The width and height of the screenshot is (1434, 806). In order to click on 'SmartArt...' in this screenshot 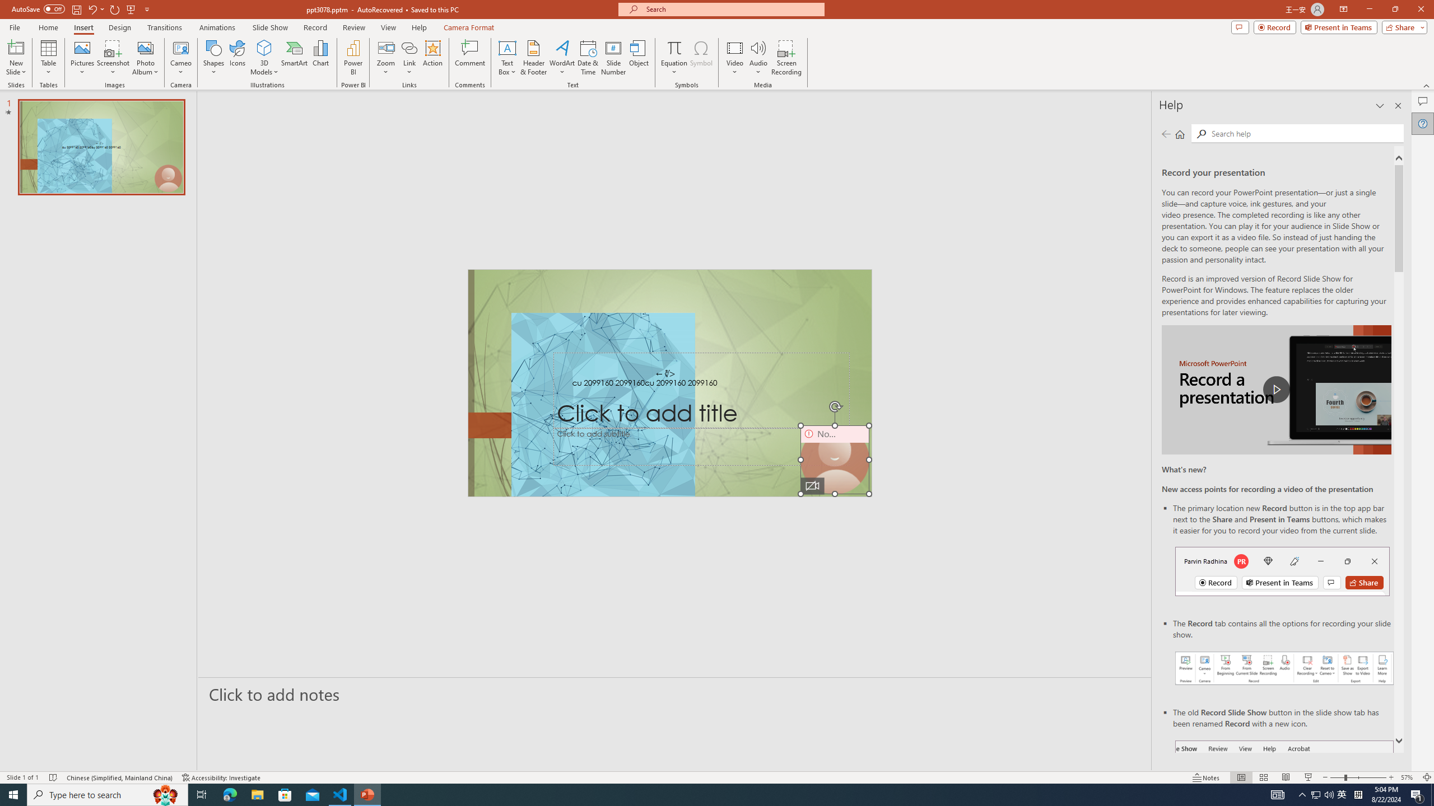, I will do `click(294, 58)`.